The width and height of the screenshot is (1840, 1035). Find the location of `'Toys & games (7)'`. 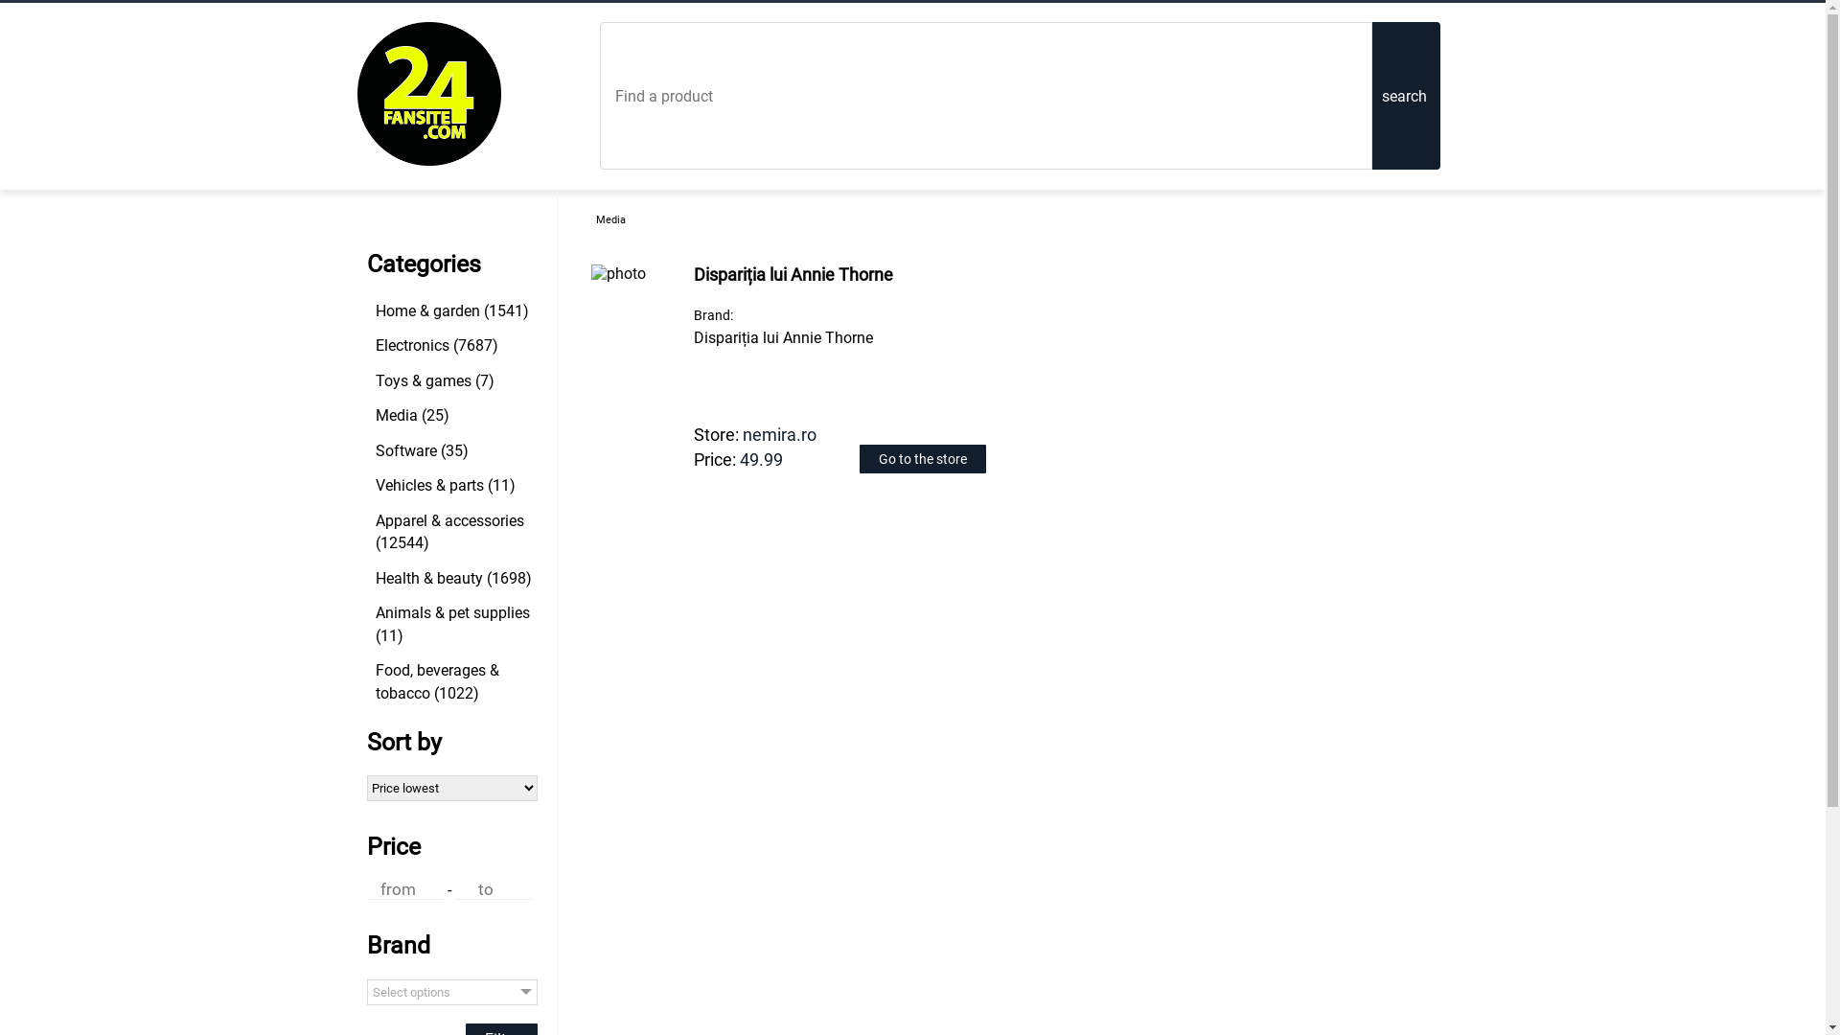

'Toys & games (7)' is located at coordinates (453, 380).